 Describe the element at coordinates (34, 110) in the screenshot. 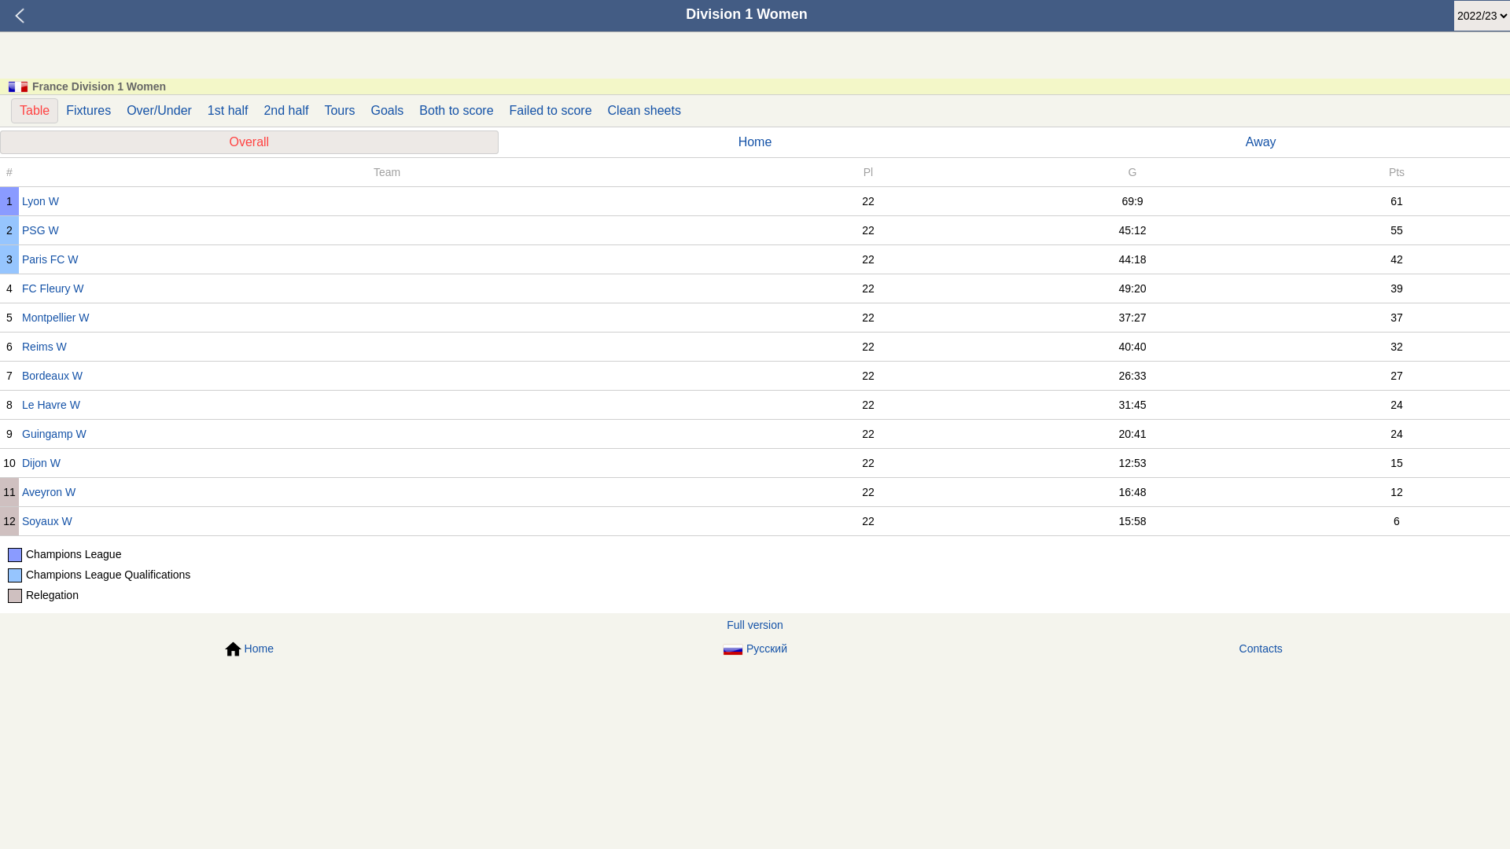

I see `'Table'` at that location.